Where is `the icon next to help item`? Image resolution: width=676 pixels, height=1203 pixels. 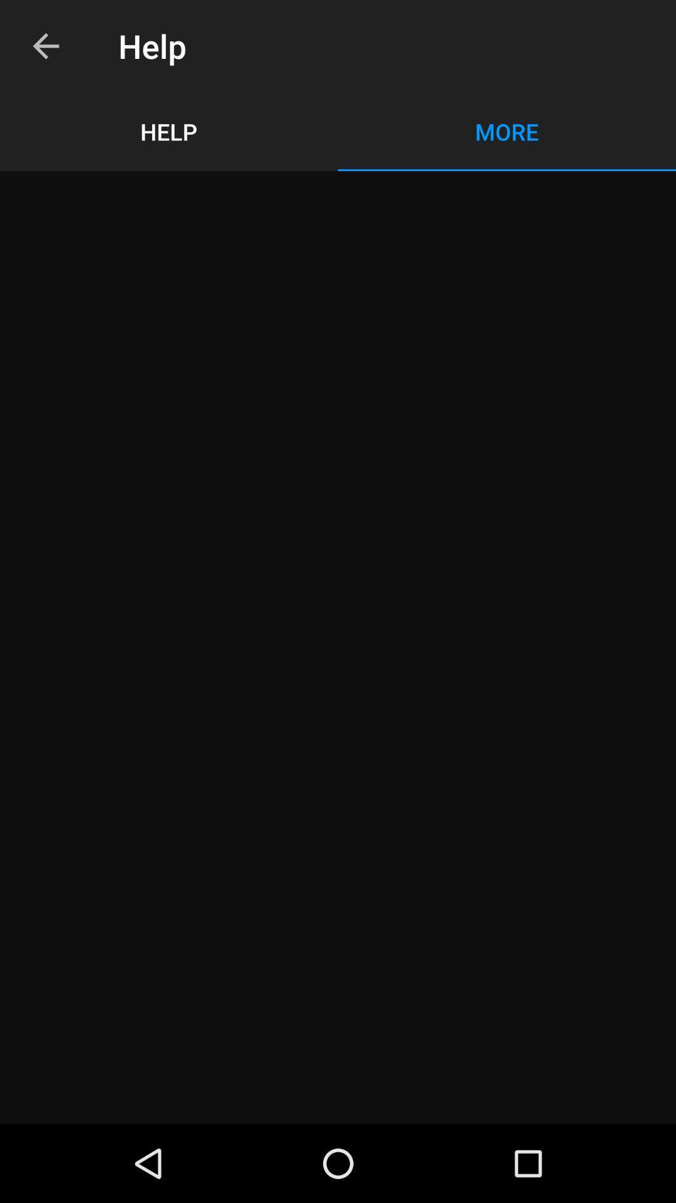
the icon next to help item is located at coordinates (45, 46).